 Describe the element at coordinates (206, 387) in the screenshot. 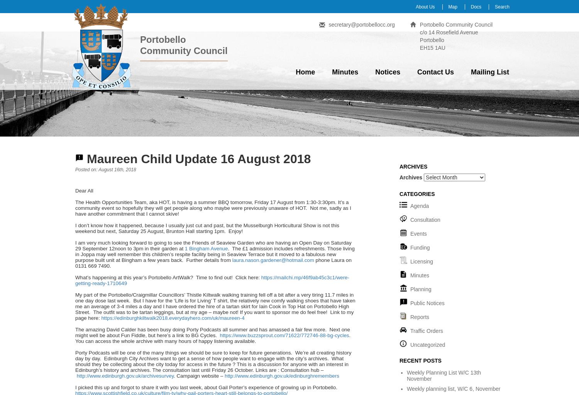

I see `'I picked this up and forgot to share it with you last week, about Gail Porter’s experience of growing up in Portobello.'` at that location.